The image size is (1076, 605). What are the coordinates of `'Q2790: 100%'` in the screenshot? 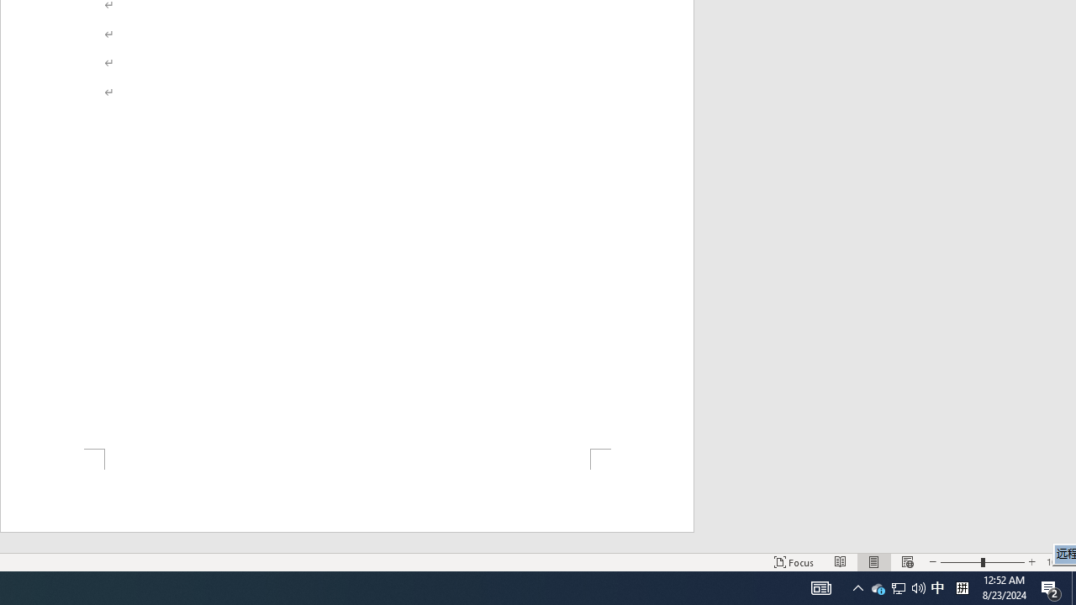 It's located at (897, 587).